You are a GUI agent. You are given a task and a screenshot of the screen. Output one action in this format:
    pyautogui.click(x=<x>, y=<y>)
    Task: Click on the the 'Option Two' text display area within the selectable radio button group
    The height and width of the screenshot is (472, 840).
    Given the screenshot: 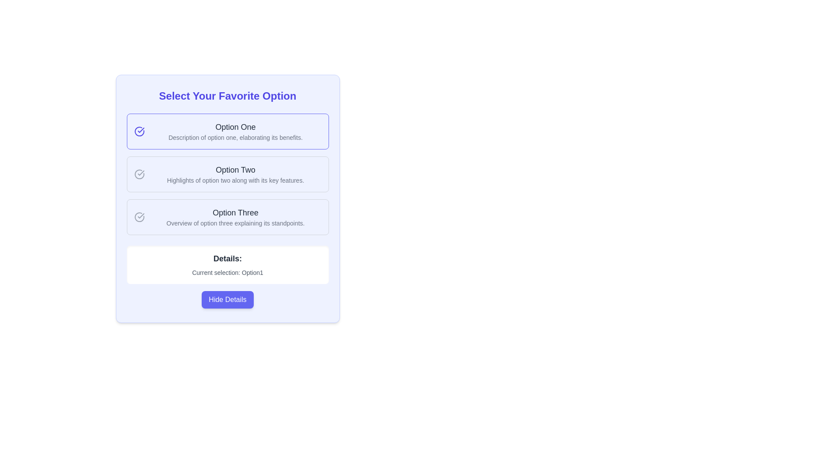 What is the action you would take?
    pyautogui.click(x=235, y=174)
    